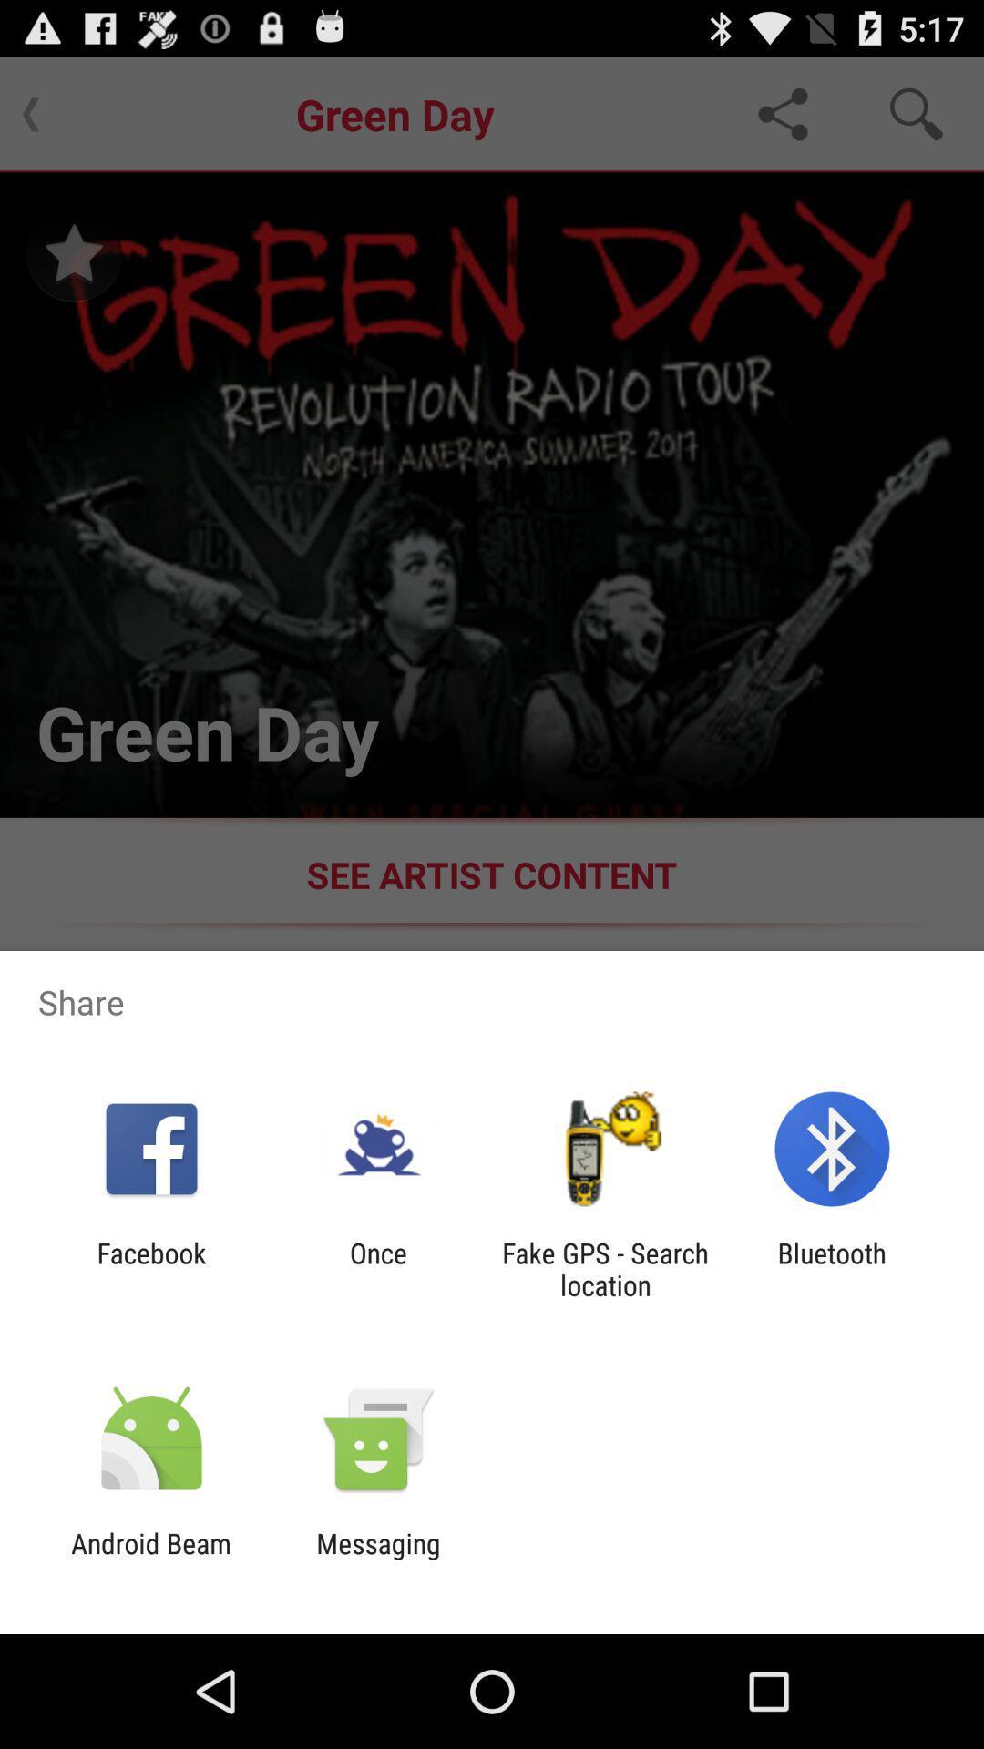 The image size is (984, 1749). I want to click on item next to fake gps search, so click(377, 1268).